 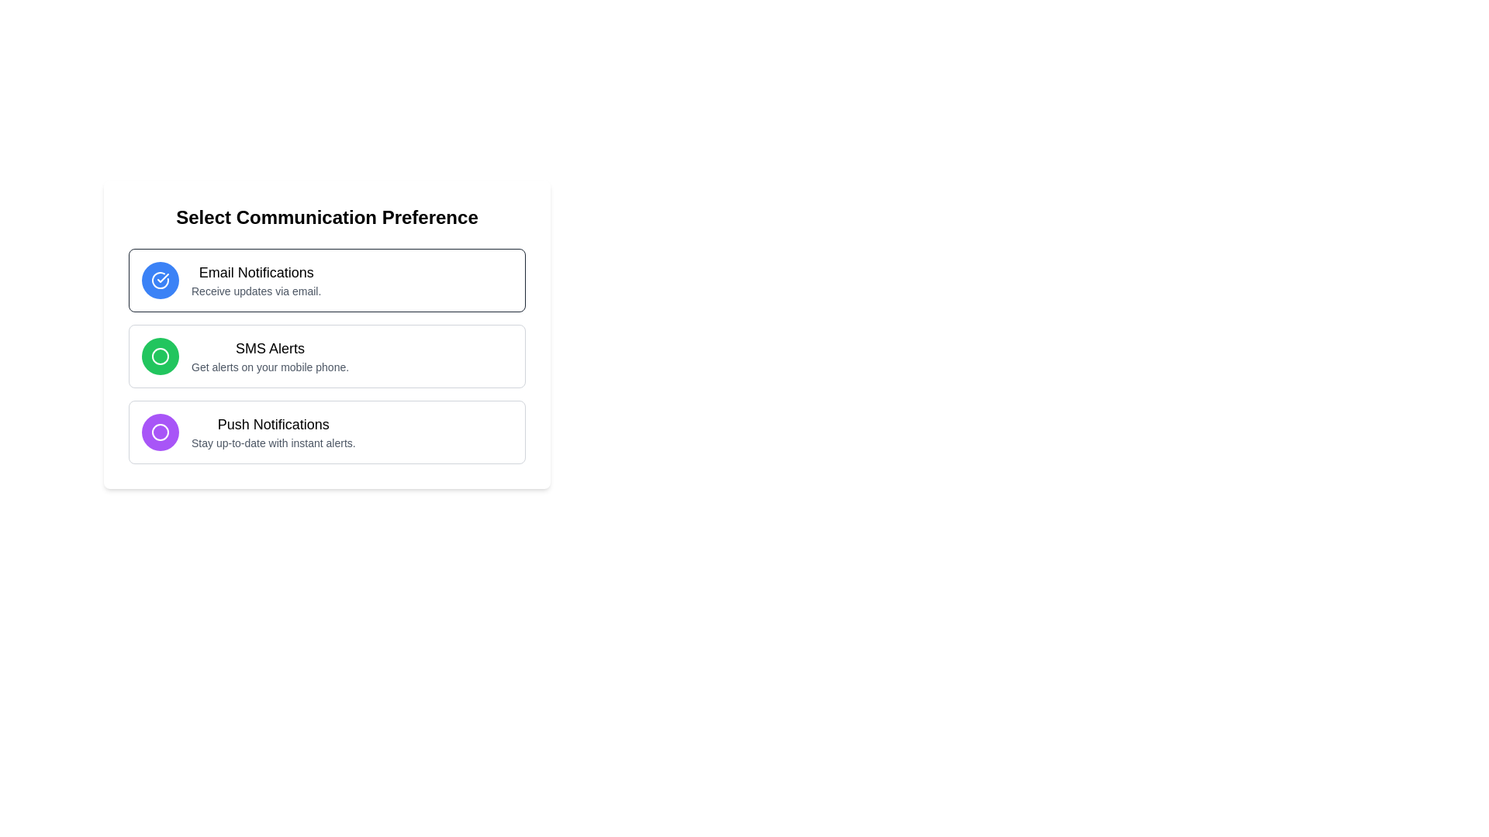 I want to click on the SMS Alerts card component, which is the second card in a vertical stack of three, positioned between 'Email Notifications' and 'Push Notifications', so click(x=326, y=356).